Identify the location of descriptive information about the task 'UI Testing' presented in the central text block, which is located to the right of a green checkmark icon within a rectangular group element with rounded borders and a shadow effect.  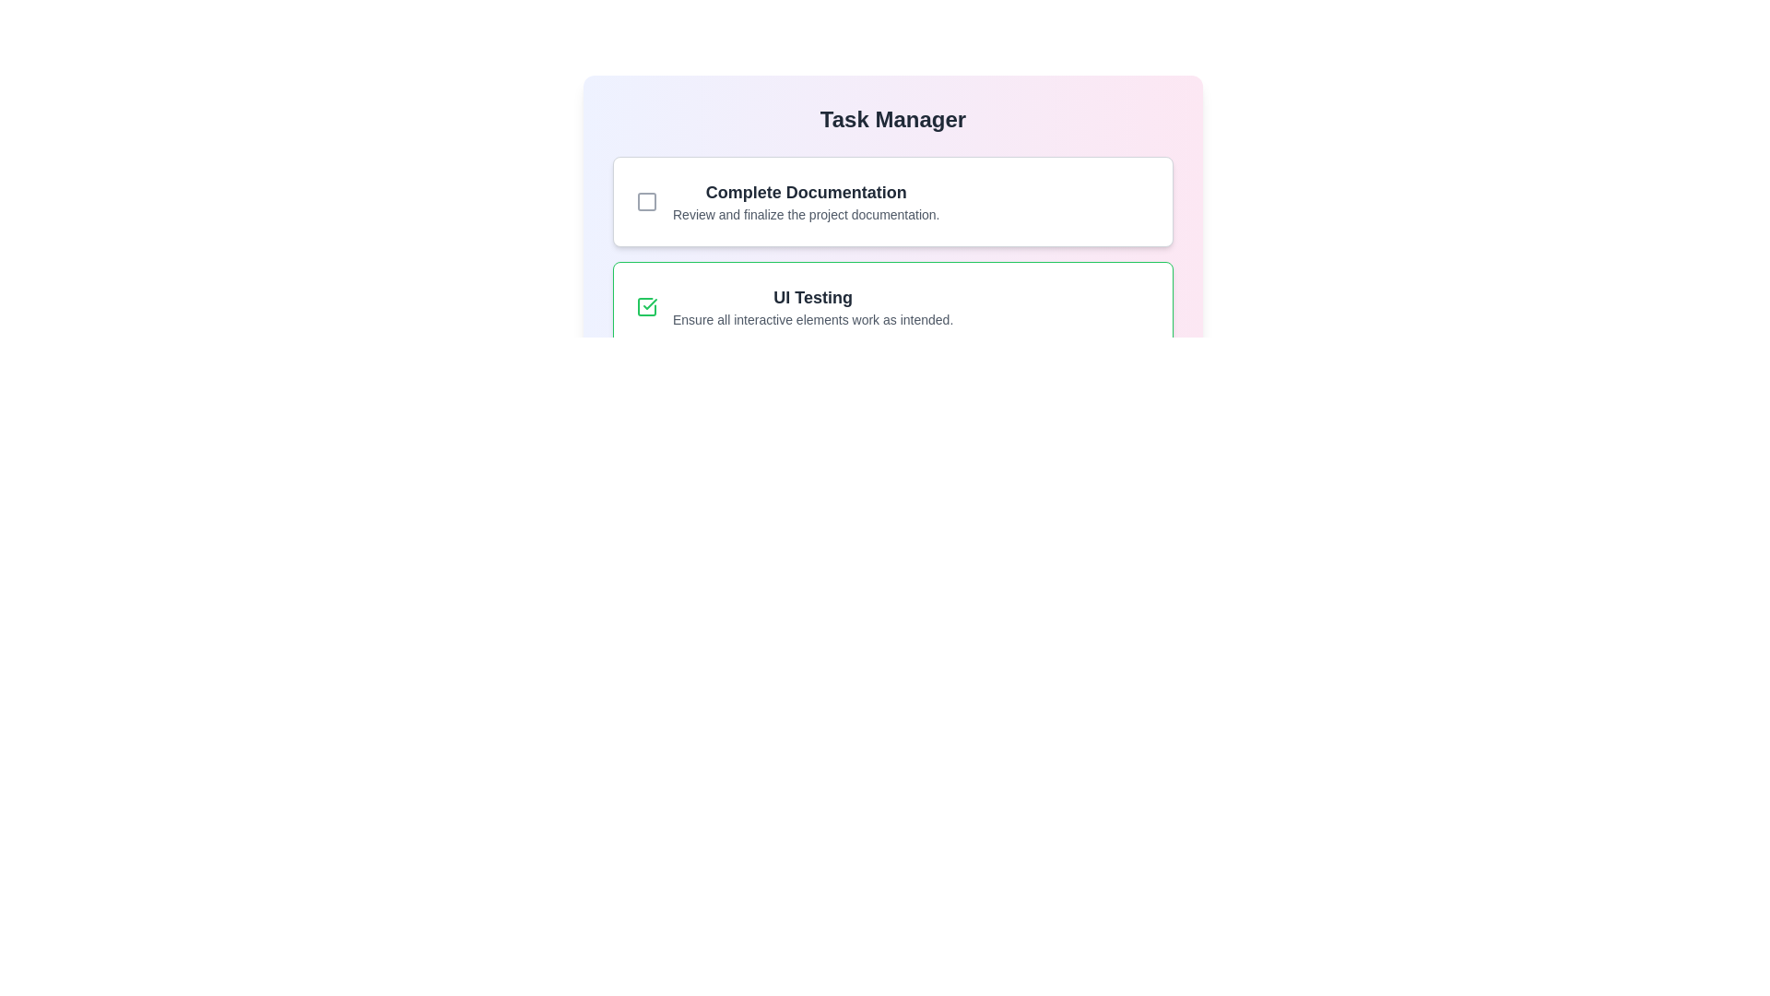
(812, 305).